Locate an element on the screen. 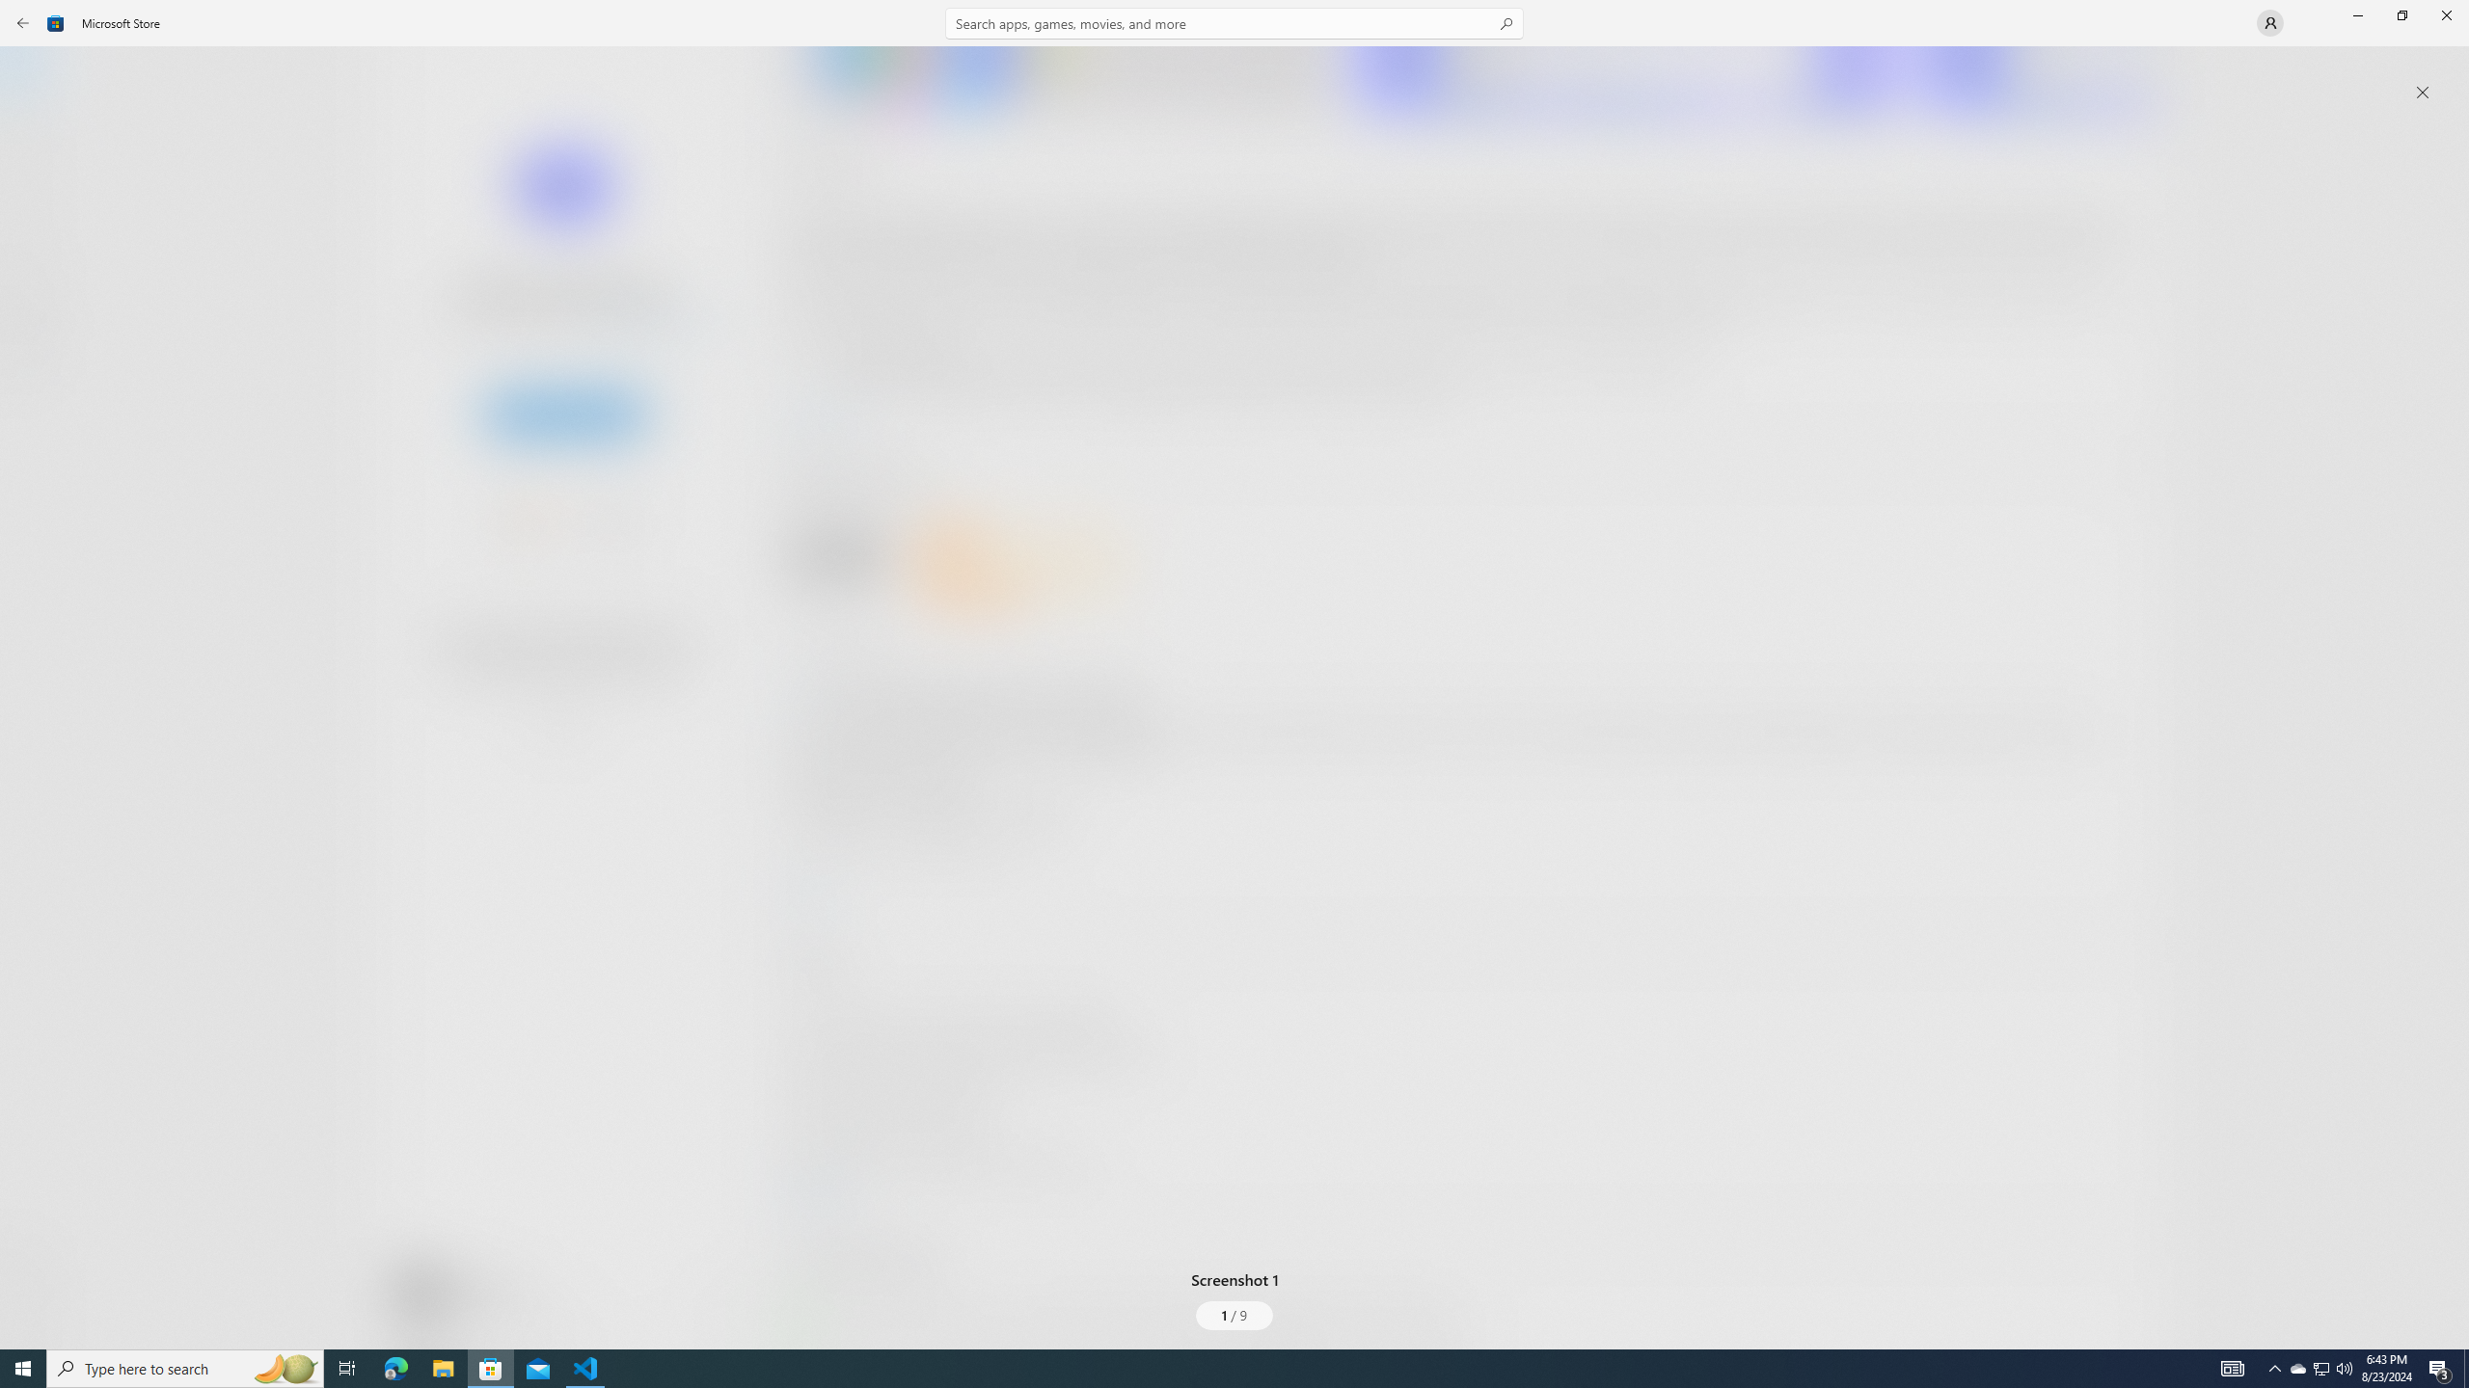 This screenshot has height=1388, width=2469. 'Minimize Microsoft Store' is located at coordinates (2356, 14).